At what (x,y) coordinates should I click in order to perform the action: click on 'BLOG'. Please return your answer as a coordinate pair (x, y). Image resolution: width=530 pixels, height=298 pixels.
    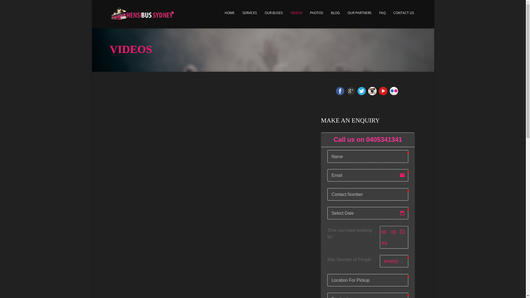
    Looking at the image, I should click on (330, 15).